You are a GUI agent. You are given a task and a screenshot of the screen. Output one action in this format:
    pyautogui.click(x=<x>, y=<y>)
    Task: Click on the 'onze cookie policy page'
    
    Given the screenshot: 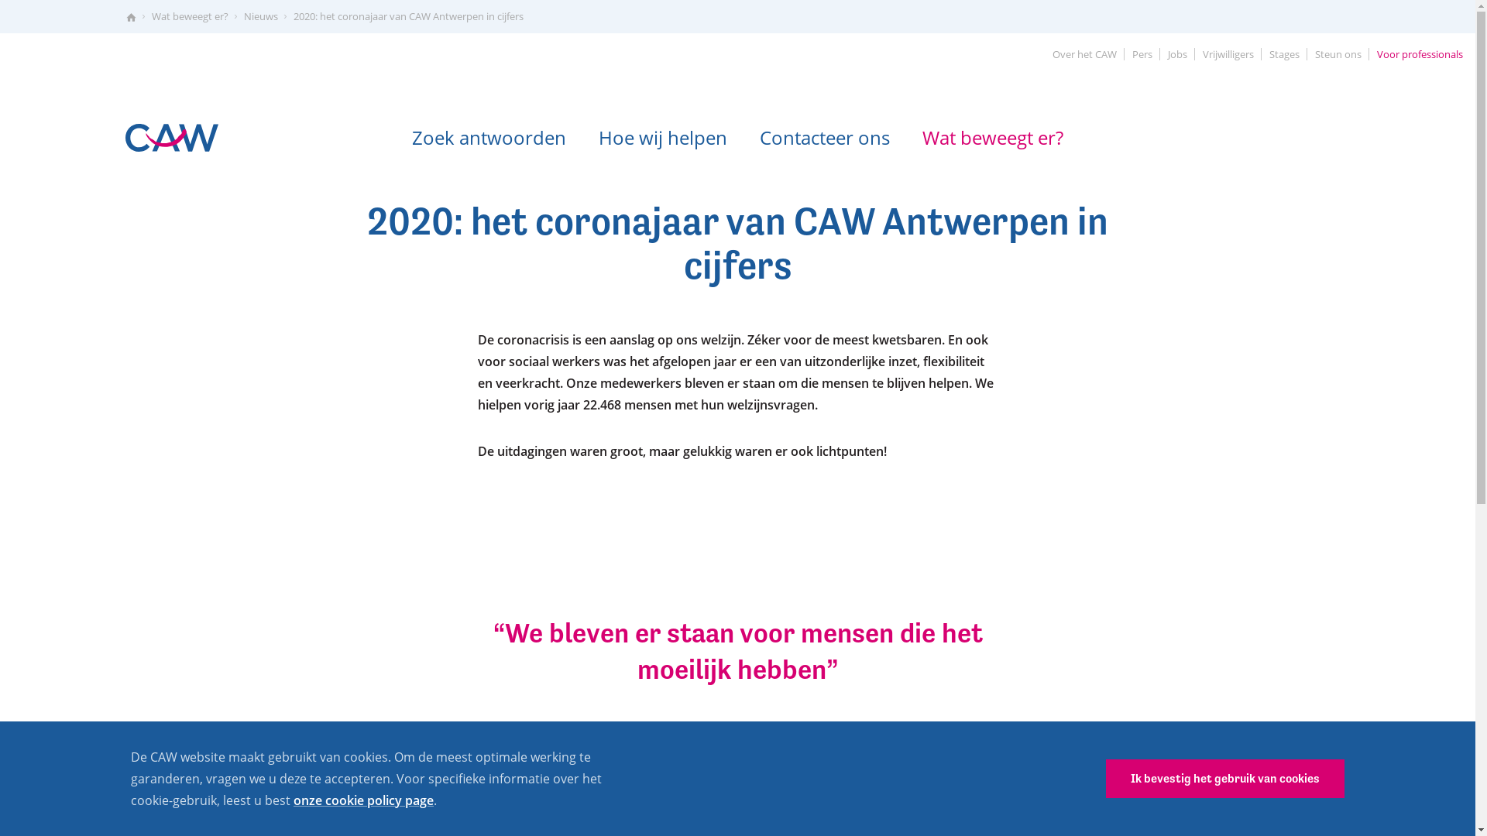 What is the action you would take?
    pyautogui.click(x=362, y=800)
    